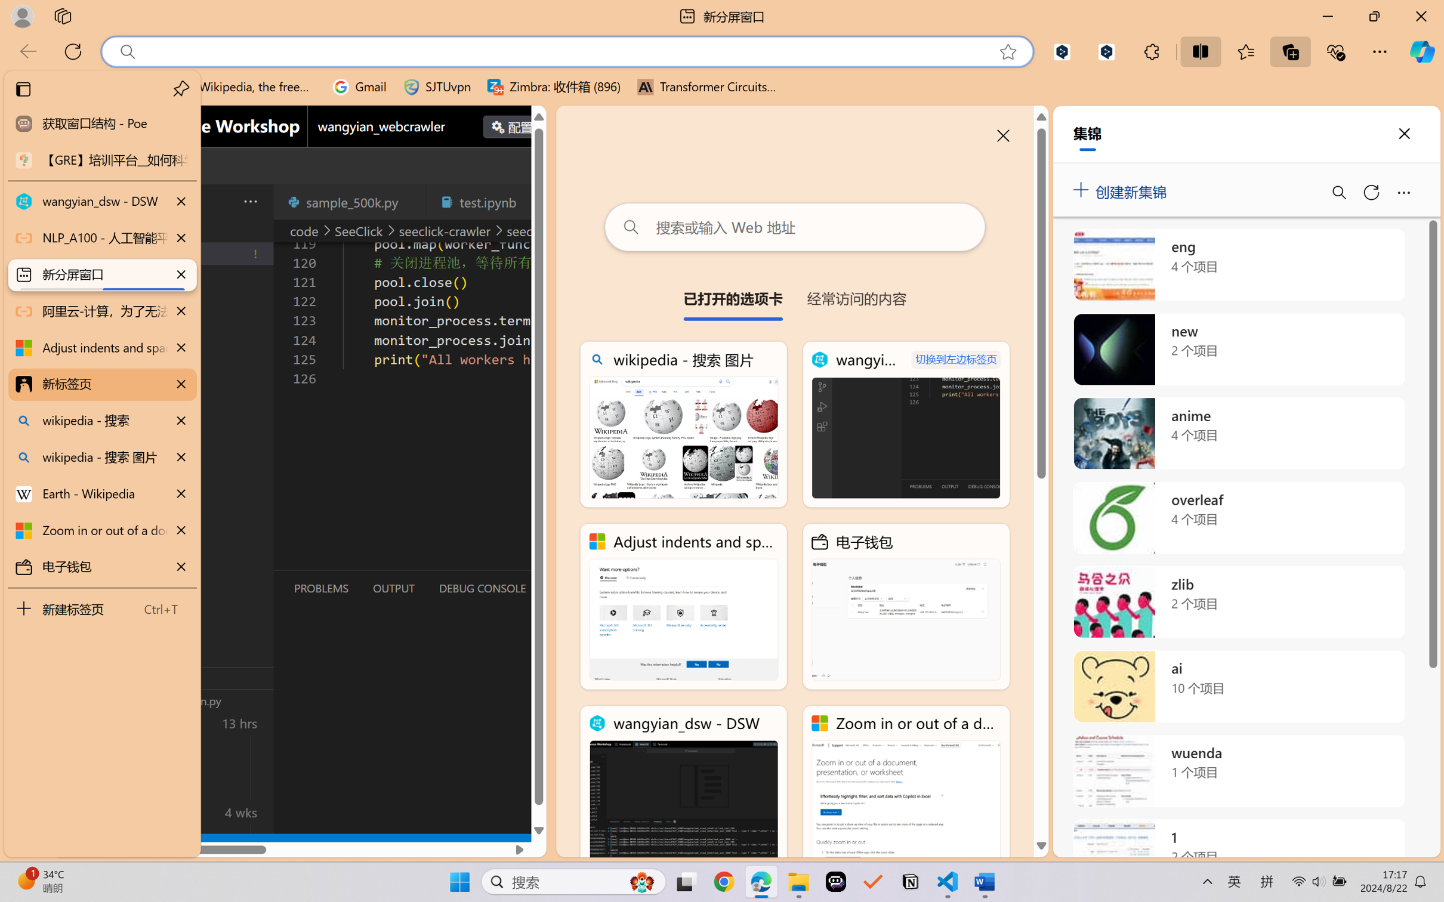  What do you see at coordinates (487, 201) in the screenshot?
I see `'test.ipynb'` at bounding box center [487, 201].